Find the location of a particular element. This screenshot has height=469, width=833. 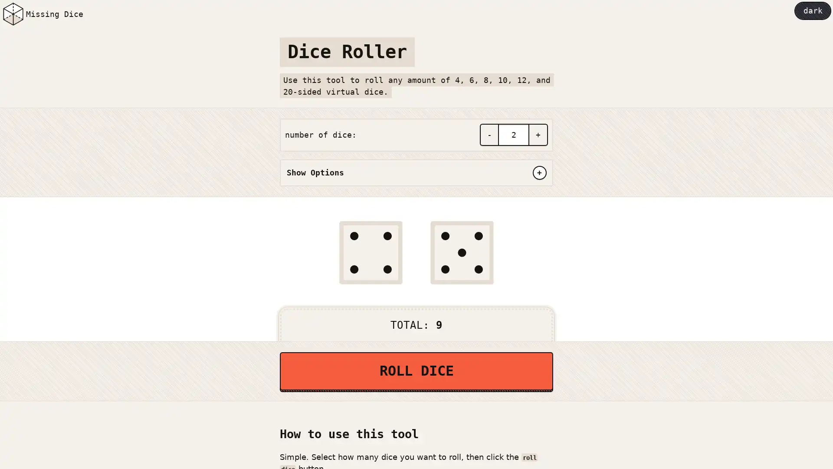

plus 1 is located at coordinates (538, 135).